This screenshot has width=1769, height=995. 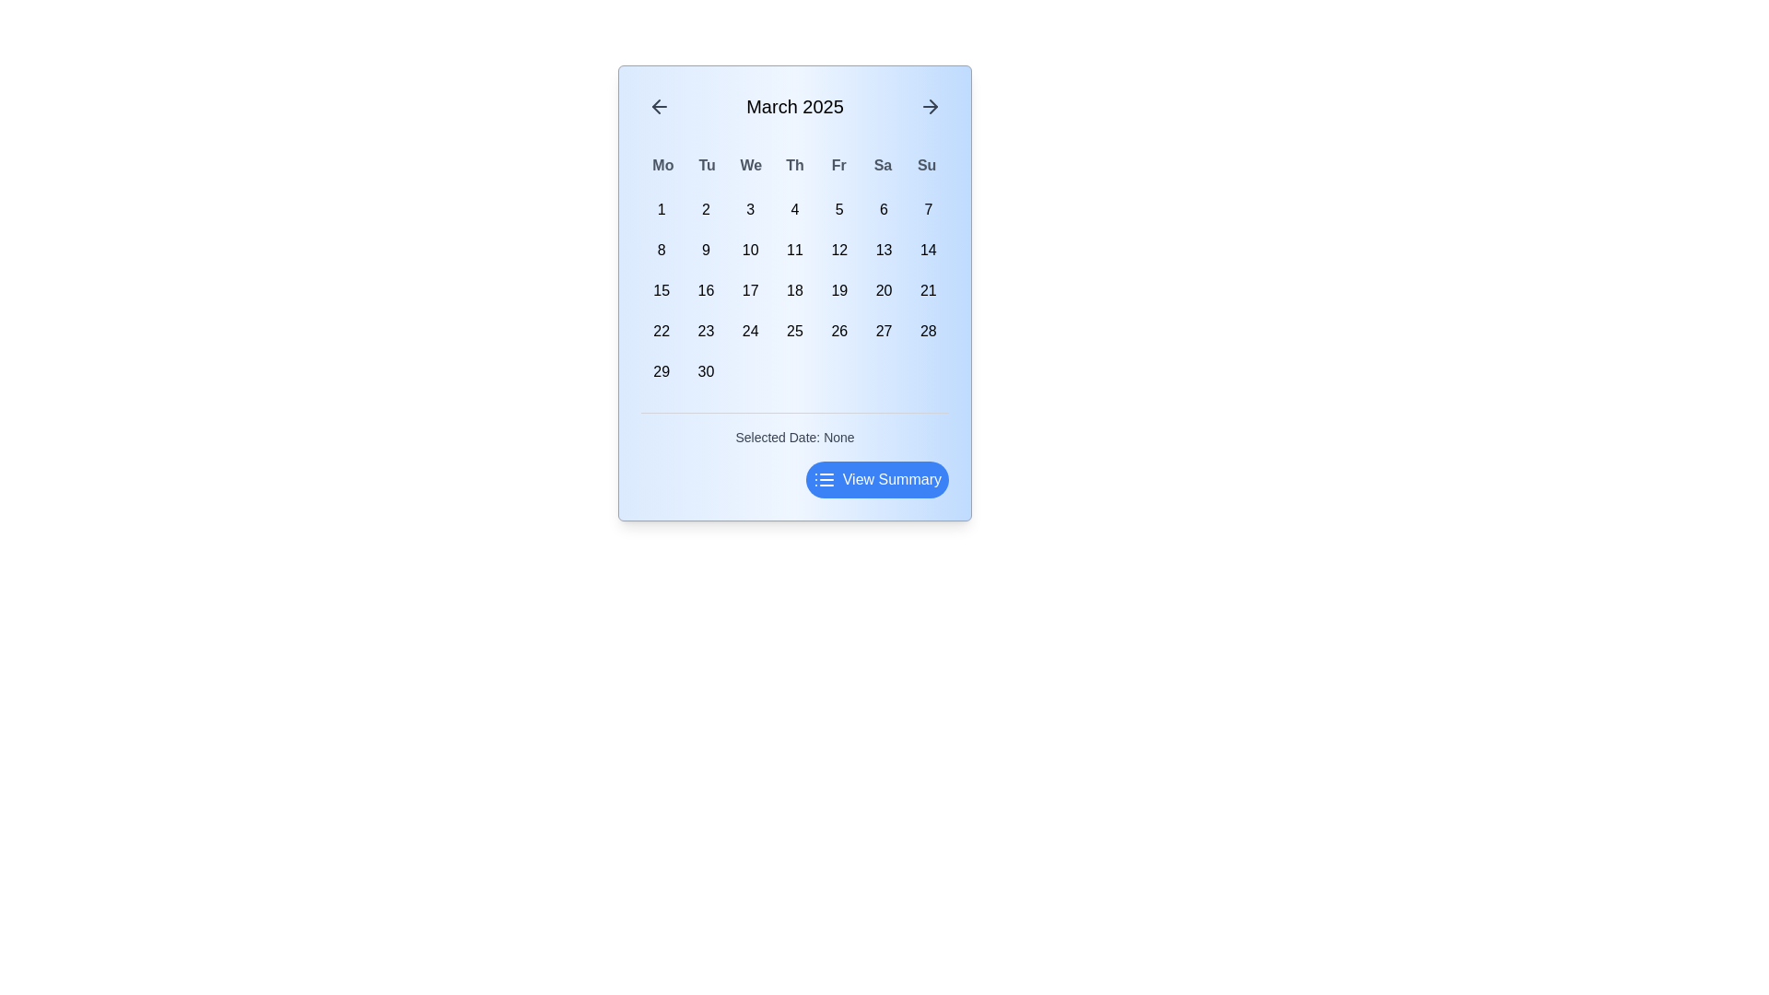 What do you see at coordinates (795, 251) in the screenshot?
I see `the interactive calendar day button representing the 11th day of March 2025` at bounding box center [795, 251].